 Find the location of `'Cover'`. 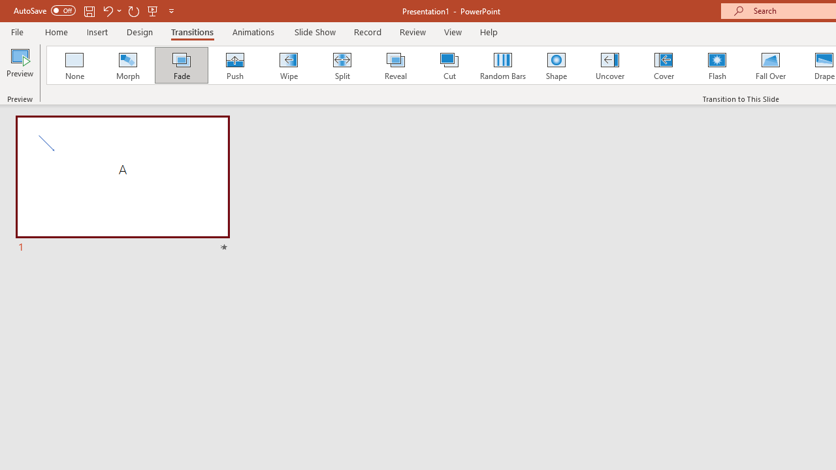

'Cover' is located at coordinates (664, 65).